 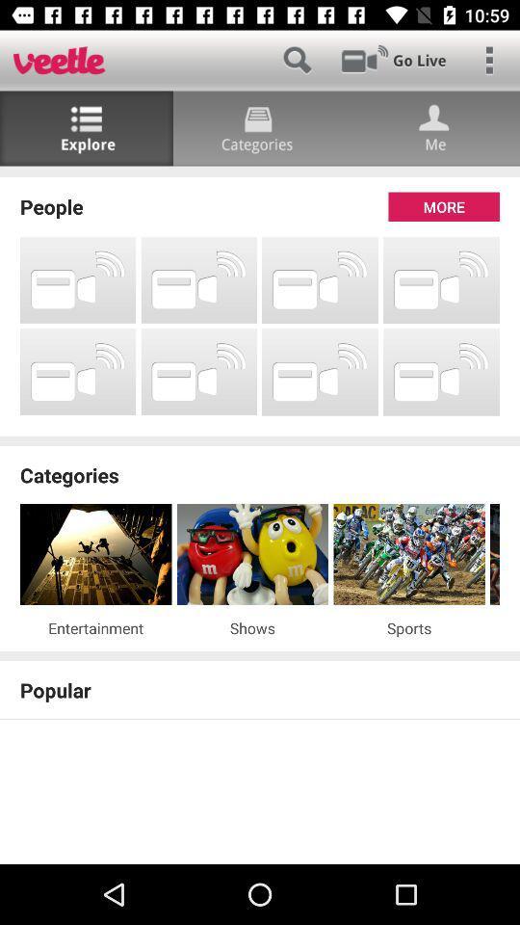 What do you see at coordinates (197, 278) in the screenshot?
I see `app below the people item` at bounding box center [197, 278].